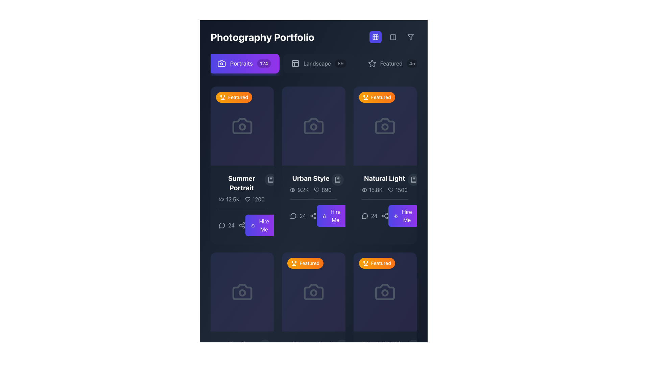 The height and width of the screenshot is (365, 649). Describe the element at coordinates (233, 199) in the screenshot. I see `the text element displaying the numerical value of 12.5 thousand, which is located to the right of the eye icon and below the thumbnail for 'Summer Portrait'` at that location.